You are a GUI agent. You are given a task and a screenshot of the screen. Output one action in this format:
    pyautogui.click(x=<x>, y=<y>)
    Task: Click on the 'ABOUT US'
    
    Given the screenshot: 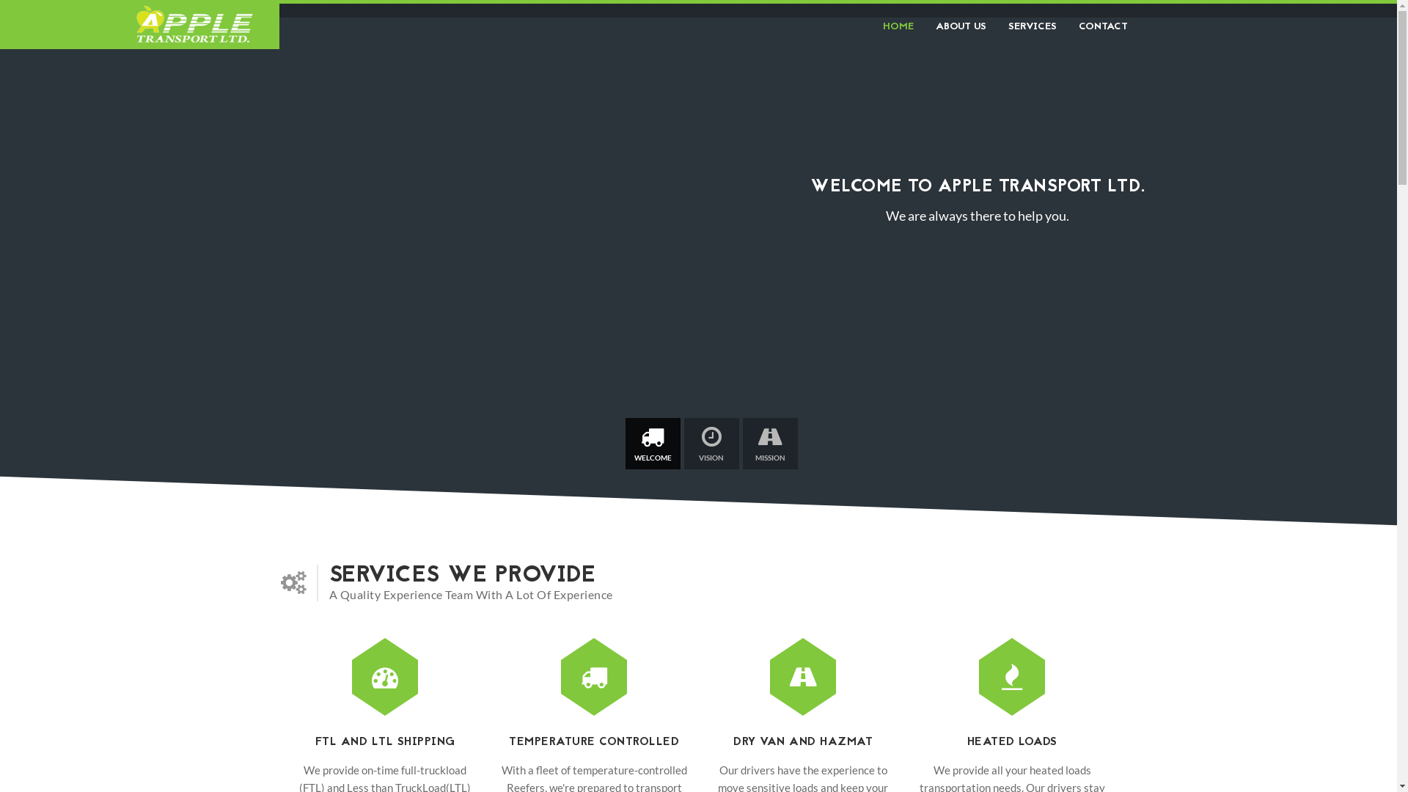 What is the action you would take?
    pyautogui.click(x=923, y=26)
    